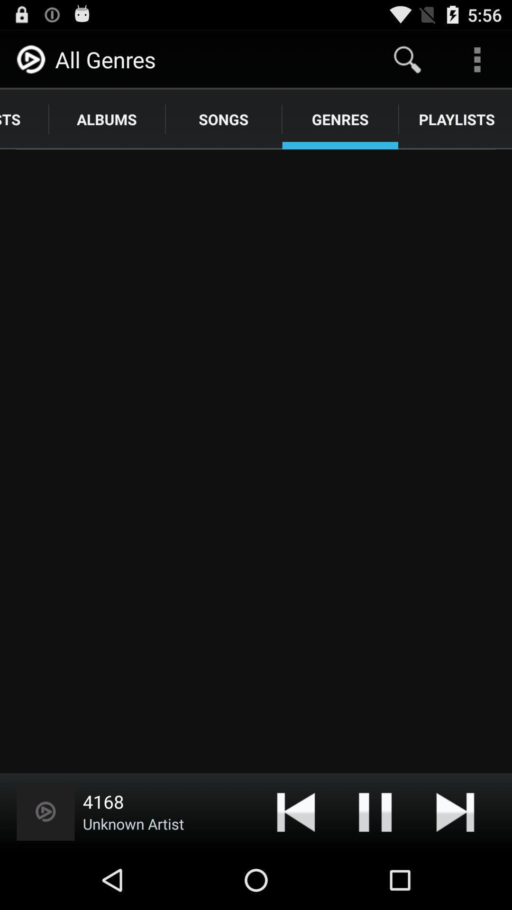 Image resolution: width=512 pixels, height=910 pixels. What do you see at coordinates (455, 868) in the screenshot?
I see `the skip_next icon` at bounding box center [455, 868].